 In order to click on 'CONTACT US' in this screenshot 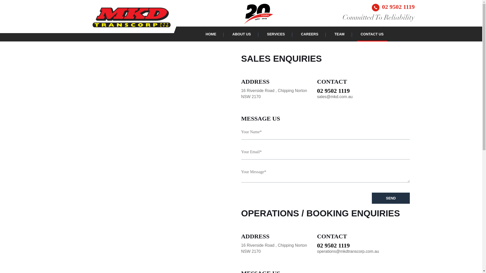, I will do `click(360, 34)`.